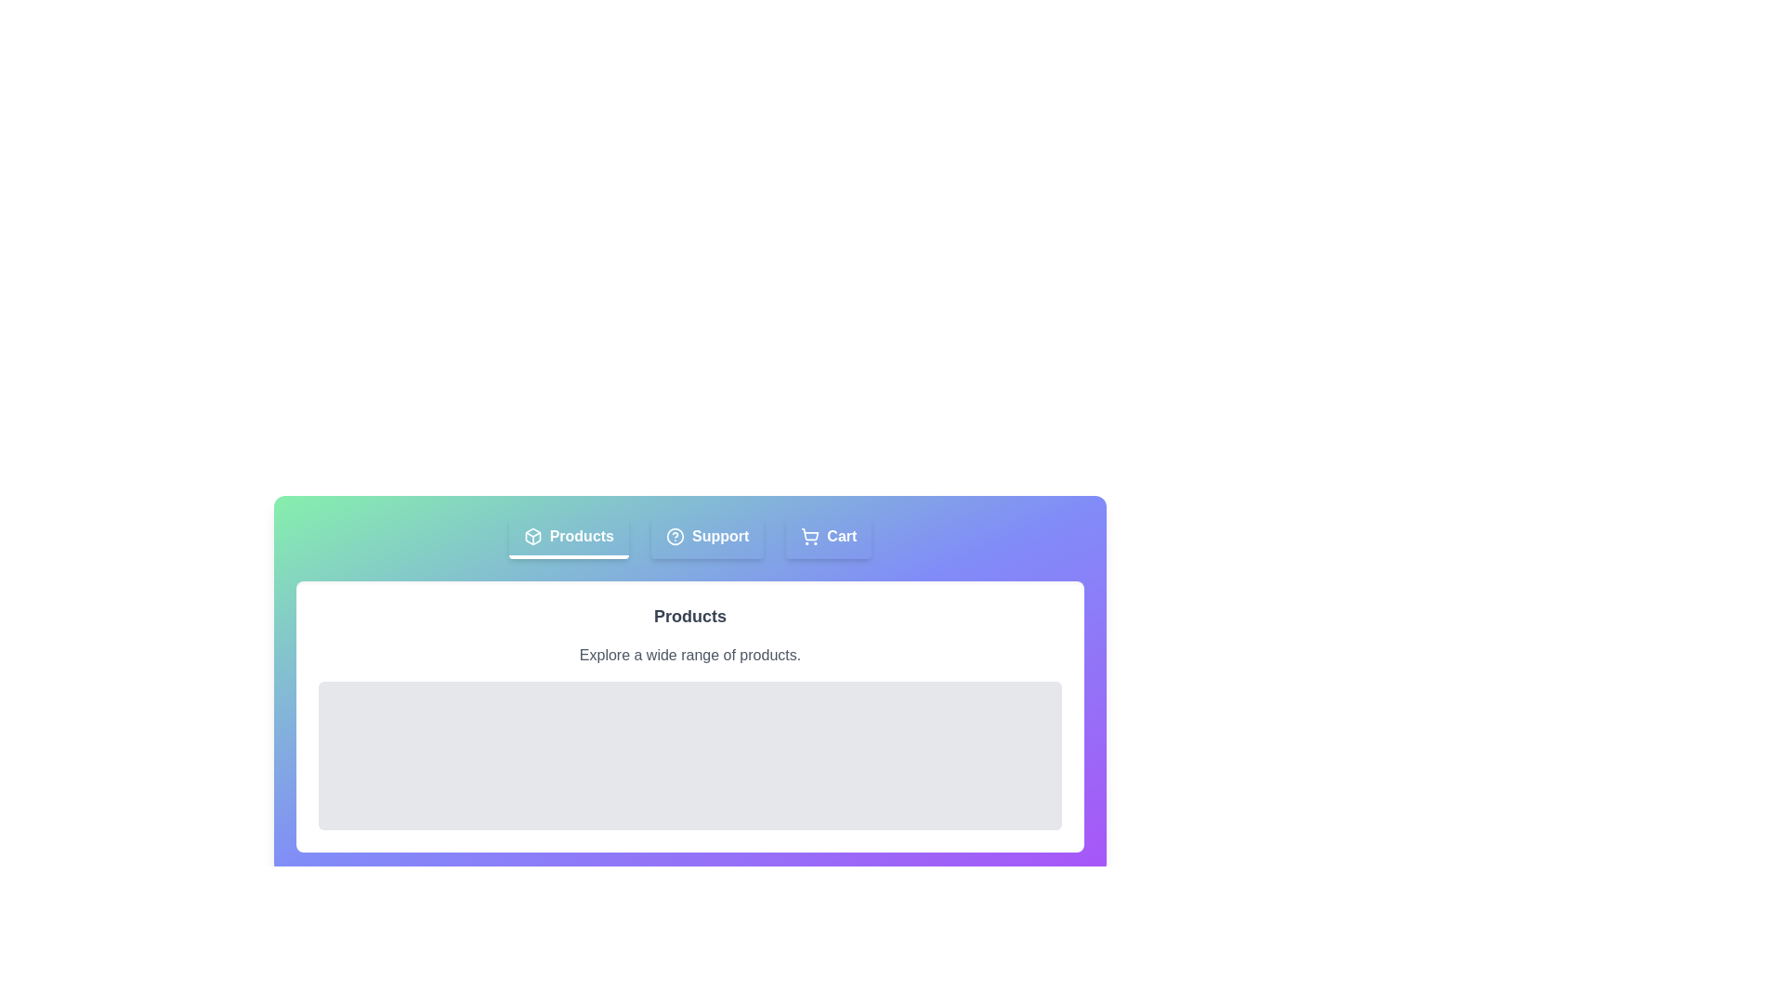 This screenshot has height=1003, width=1784. Describe the element at coordinates (828, 538) in the screenshot. I see `the Cart tab` at that location.